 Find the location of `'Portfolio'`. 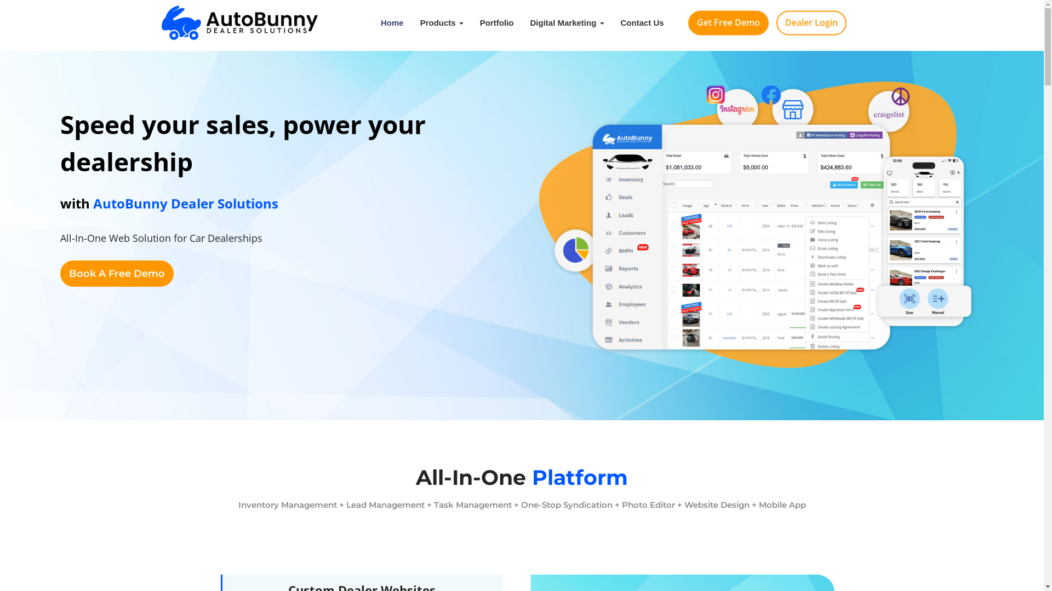

'Portfolio' is located at coordinates (496, 23).